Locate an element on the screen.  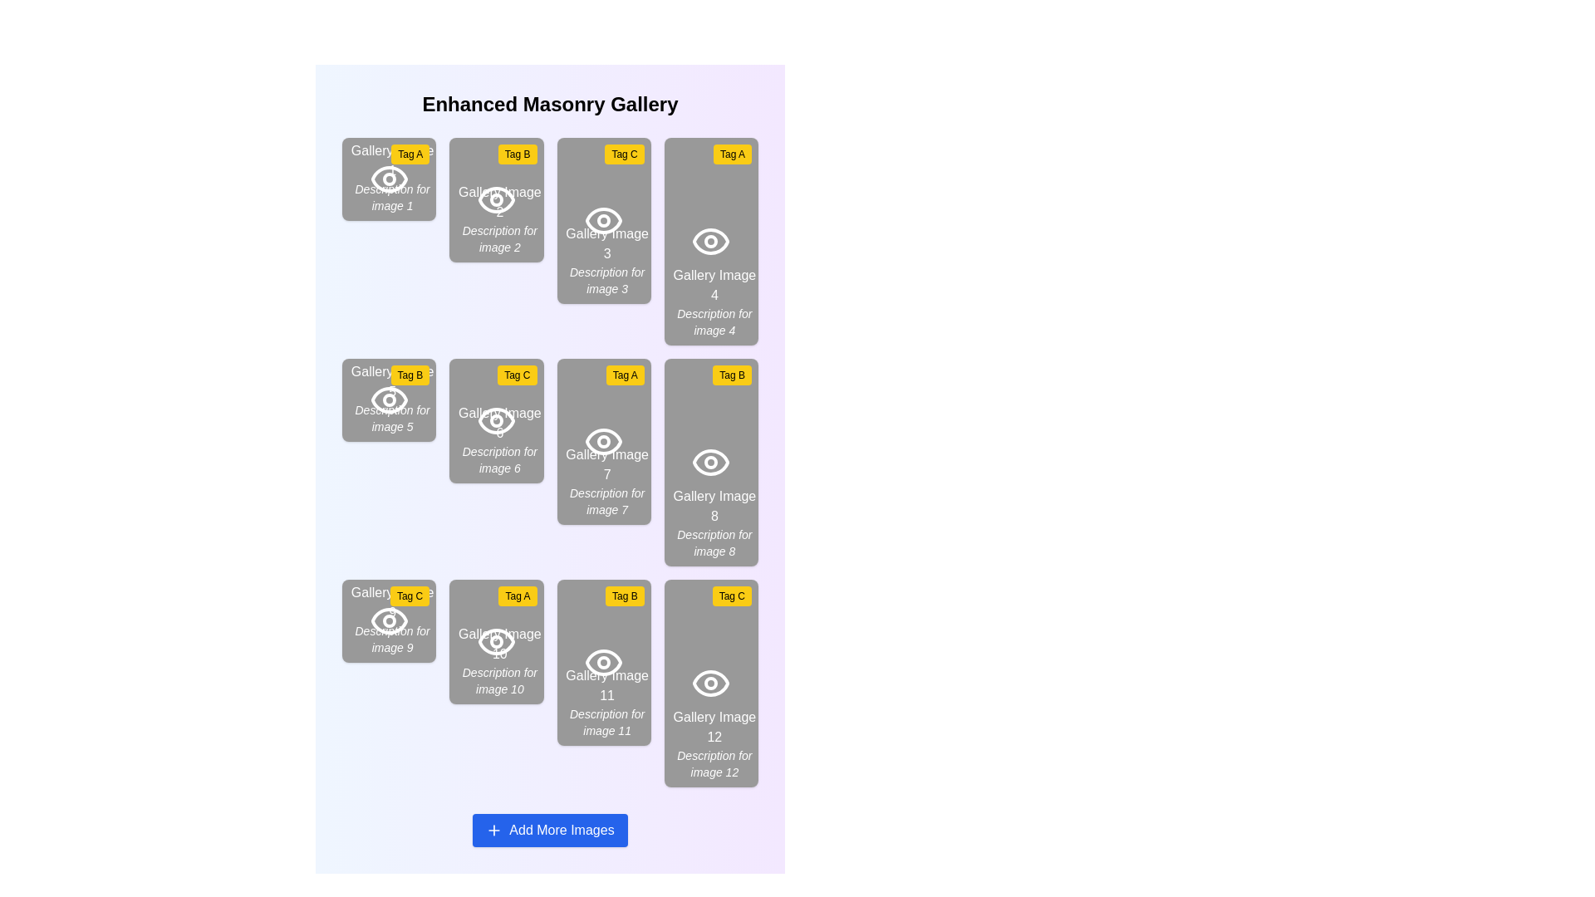
the decorative circular detail inside the eye icon representing the pupil for 'Gallery Image 6' located in the second row and third column of the grid layout is located at coordinates (495, 419).